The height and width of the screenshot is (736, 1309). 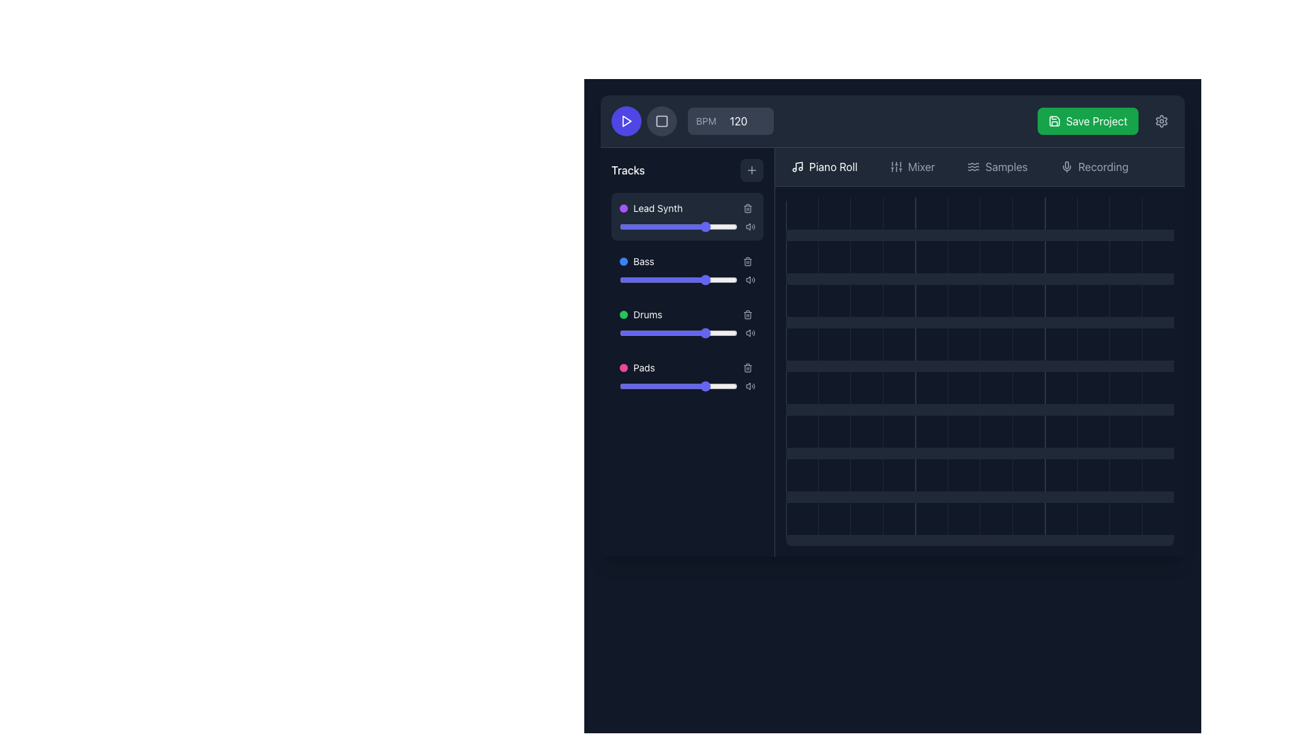 I want to click on the interactive placeholder square component located in the 4th column of the 7th row, so click(x=899, y=474).